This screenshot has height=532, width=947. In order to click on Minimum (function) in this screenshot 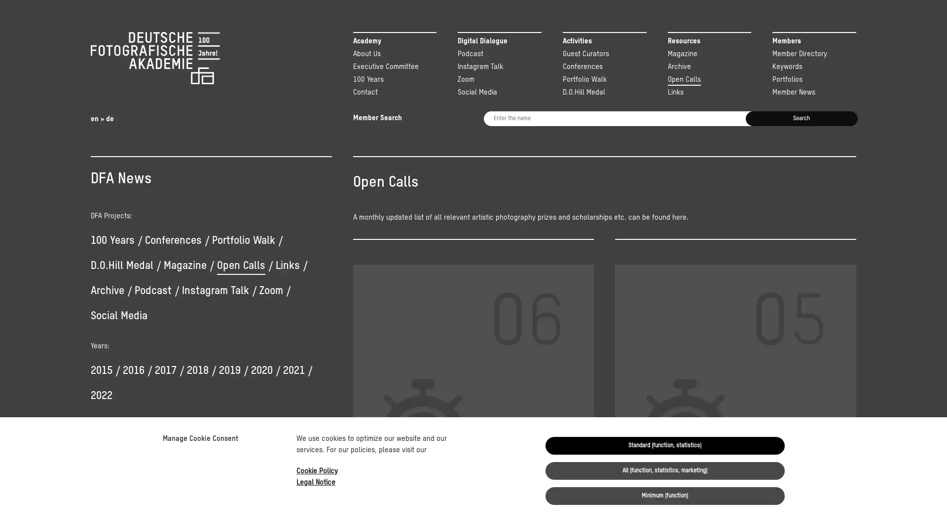, I will do `click(664, 496)`.